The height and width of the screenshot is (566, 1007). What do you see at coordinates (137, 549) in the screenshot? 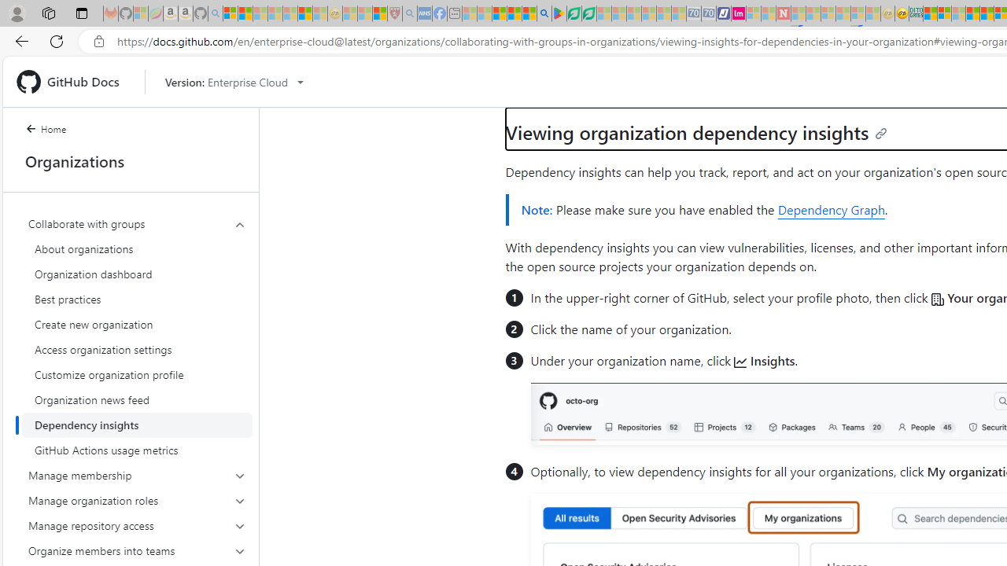
I see `'Organize members into teams'` at bounding box center [137, 549].